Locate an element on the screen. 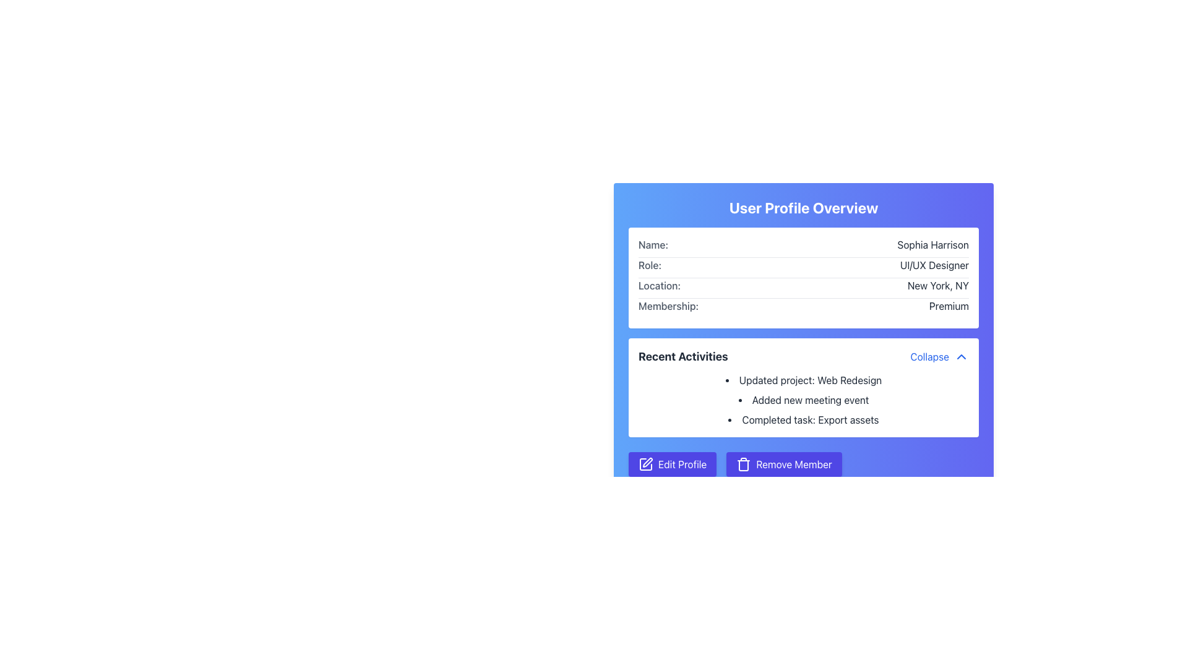 The image size is (1188, 668). the up-chevron icon located next to the 'Collapse' text in the 'Recent Activities' section is located at coordinates (961, 357).